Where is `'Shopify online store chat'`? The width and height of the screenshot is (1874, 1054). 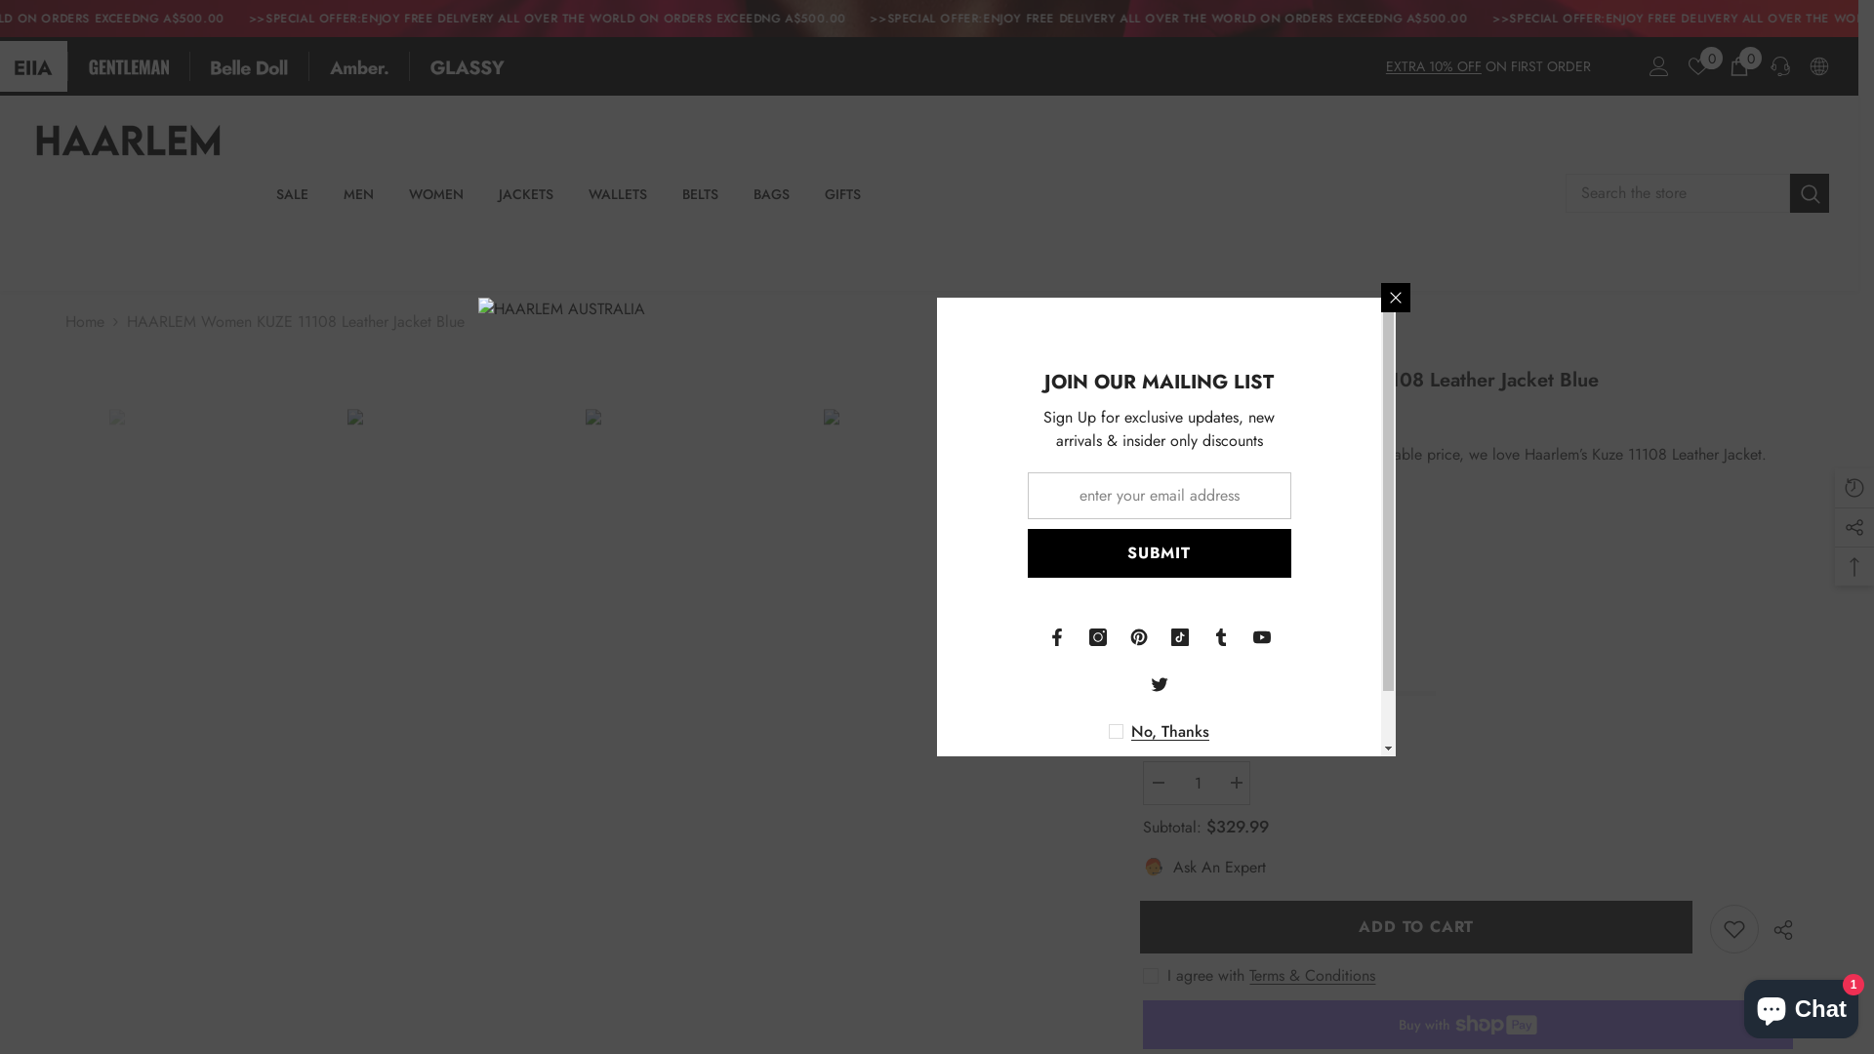 'Shopify online store chat' is located at coordinates (1800, 1004).